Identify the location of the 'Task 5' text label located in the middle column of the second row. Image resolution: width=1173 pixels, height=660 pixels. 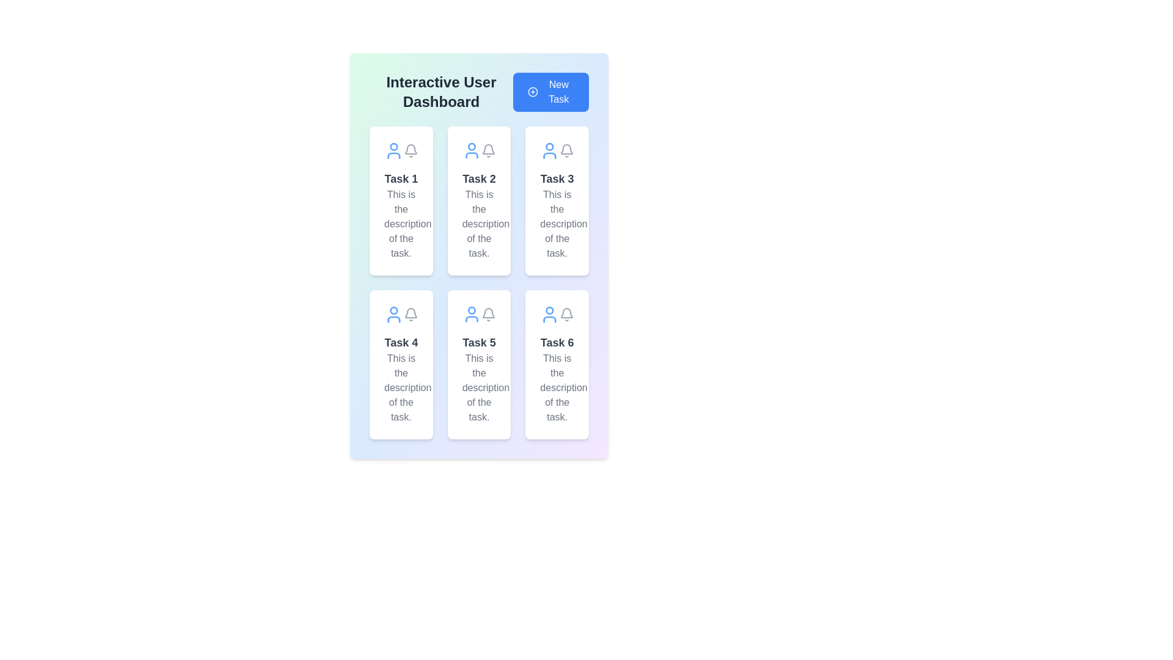
(478, 342).